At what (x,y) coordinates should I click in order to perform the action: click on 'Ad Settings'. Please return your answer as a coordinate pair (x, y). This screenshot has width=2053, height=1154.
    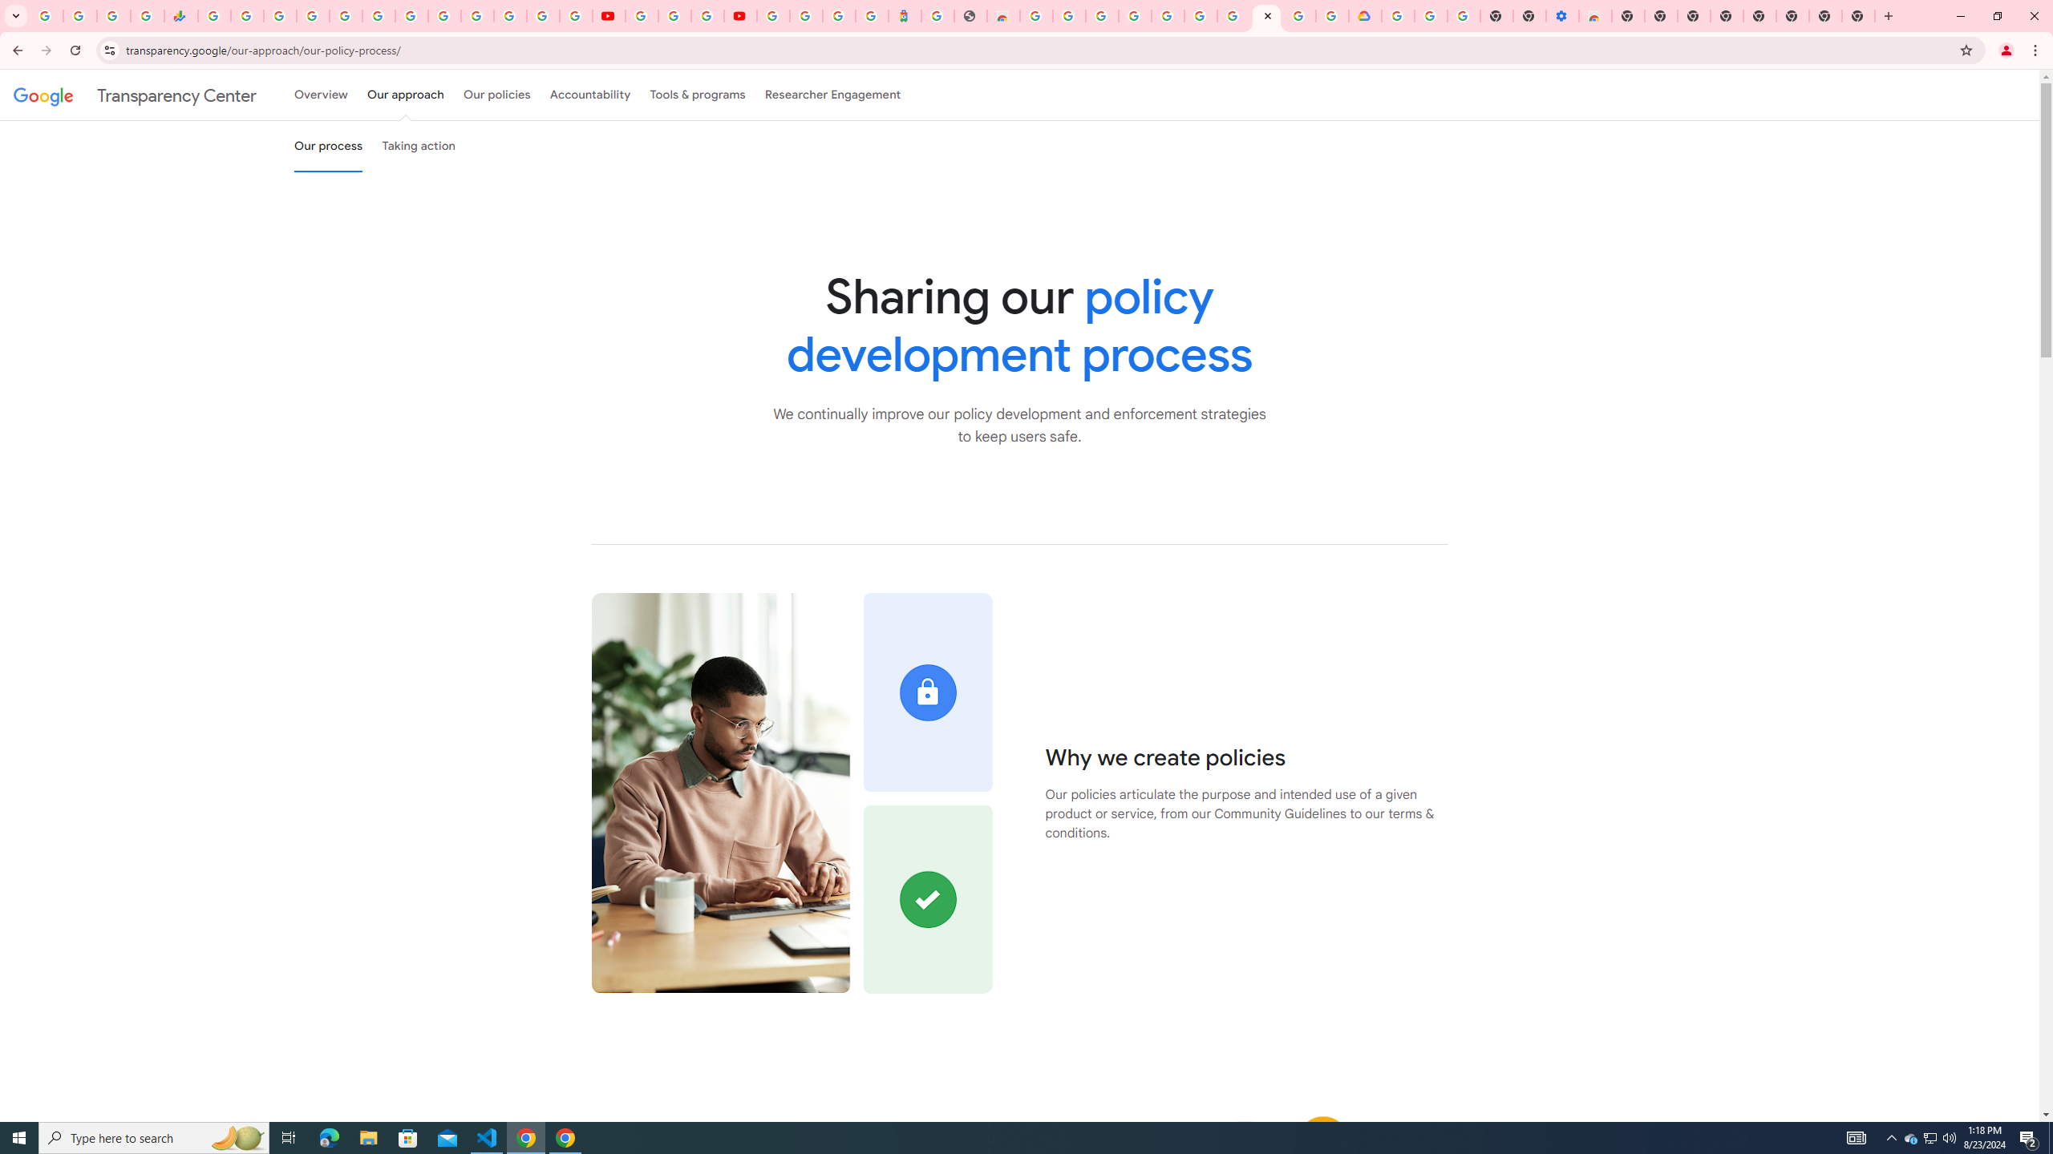
    Looking at the image, I should click on (1134, 15).